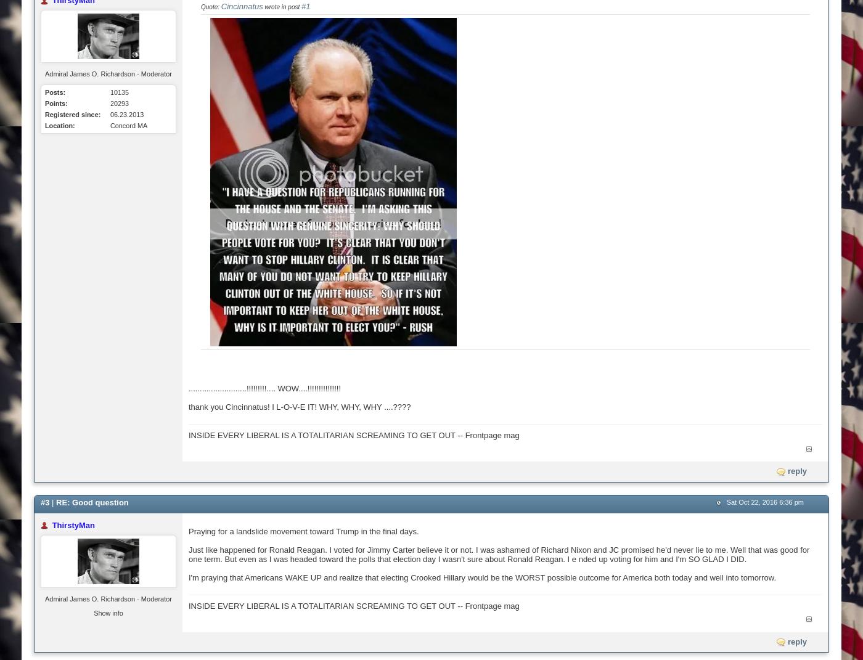  What do you see at coordinates (44, 114) in the screenshot?
I see `'Registered since:'` at bounding box center [44, 114].